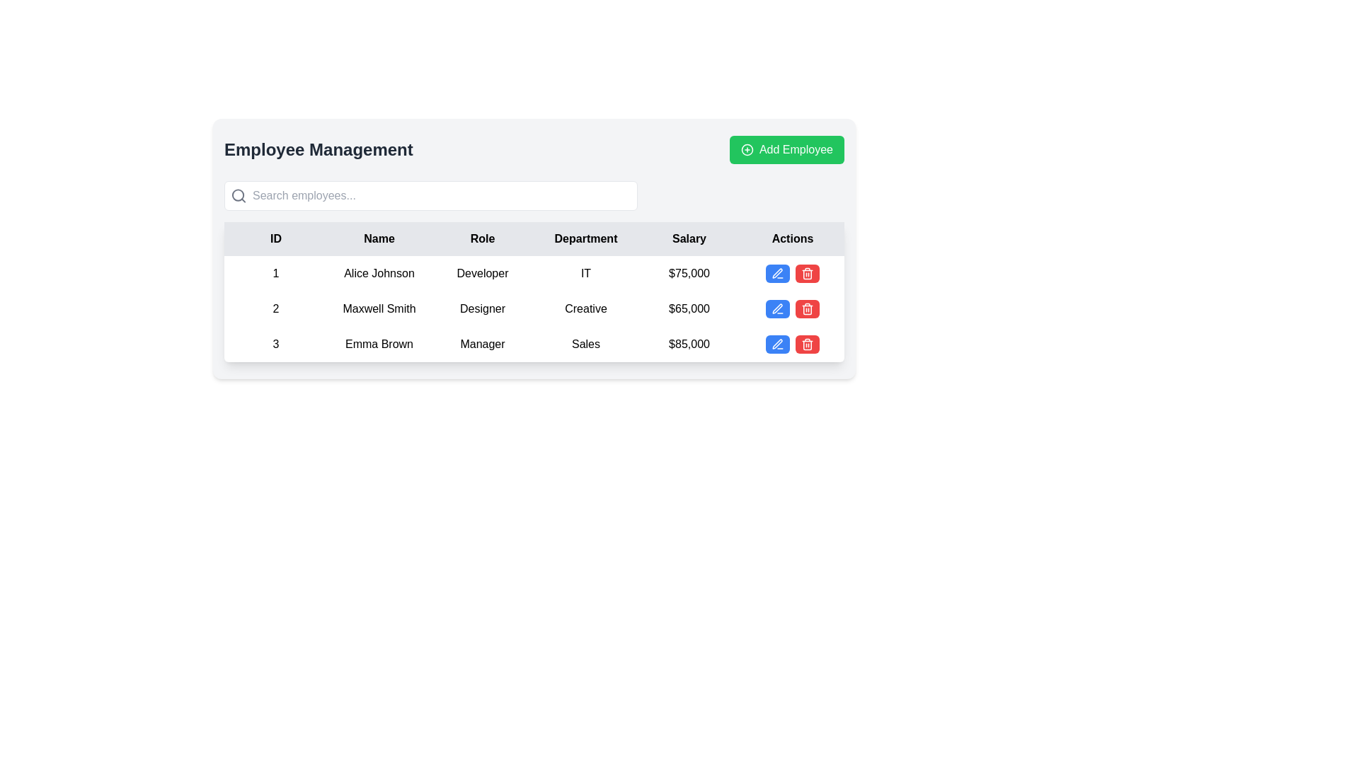 Image resolution: width=1359 pixels, height=764 pixels. Describe the element at coordinates (275, 273) in the screenshot. I see `the table cell containing the centered black number '1' in the first row under the 'ID' column` at that location.